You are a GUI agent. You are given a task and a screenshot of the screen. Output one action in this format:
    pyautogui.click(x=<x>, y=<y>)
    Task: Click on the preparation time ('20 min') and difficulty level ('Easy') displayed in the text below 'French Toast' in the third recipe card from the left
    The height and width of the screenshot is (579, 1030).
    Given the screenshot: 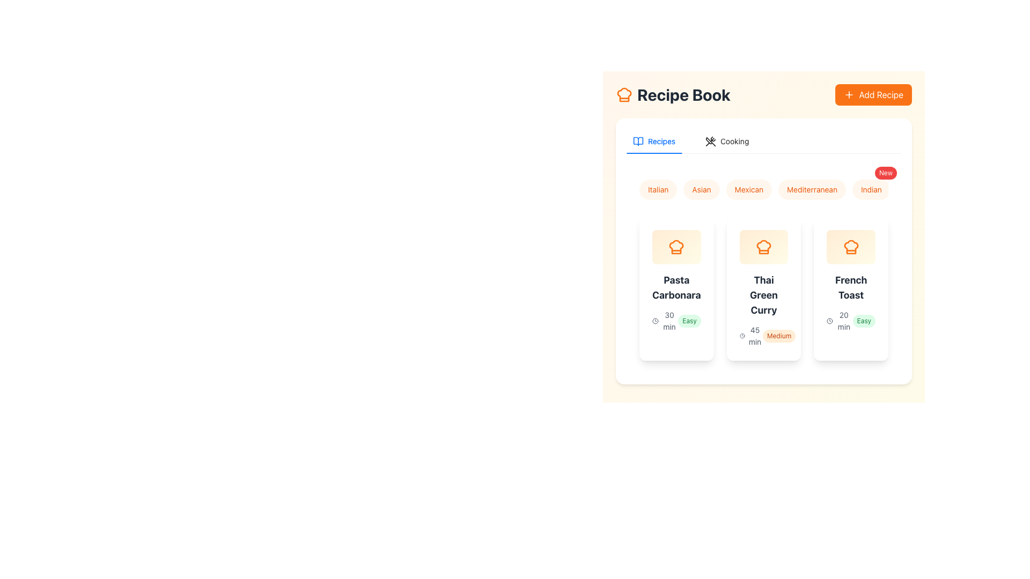 What is the action you would take?
    pyautogui.click(x=850, y=320)
    